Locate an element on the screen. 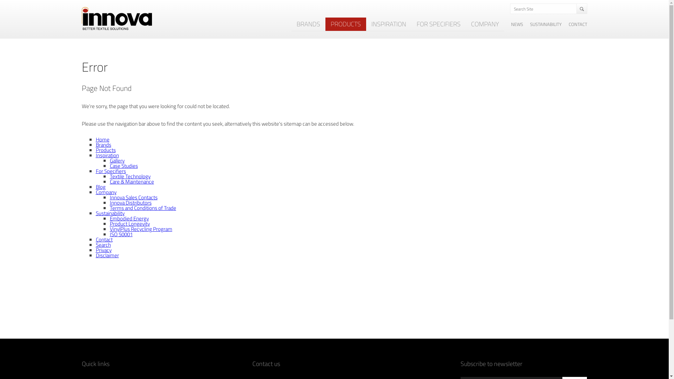  'CONTACT' is located at coordinates (578, 24).